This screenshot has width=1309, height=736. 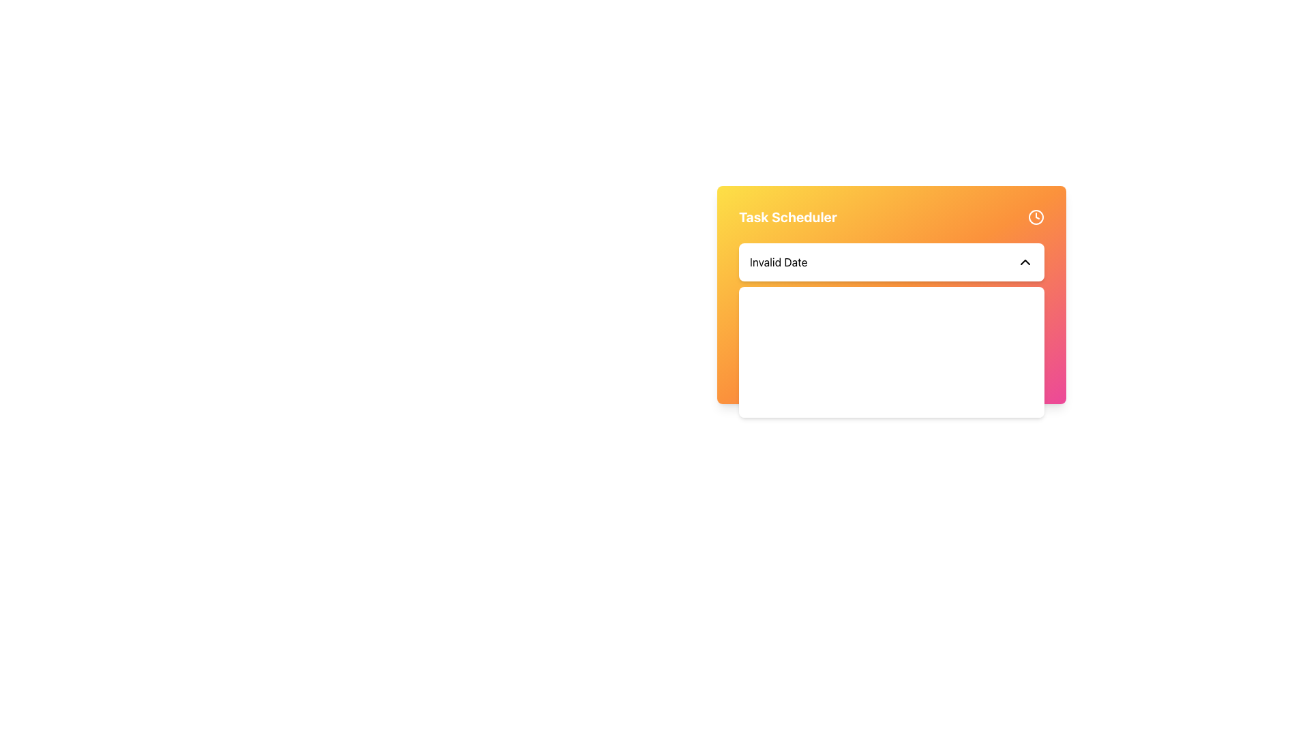 I want to click on the 'Task Scheduler' text label element, which is styled with bold, large white text on a gradient yellow to orange background, located on the left side of the header bar, so click(x=787, y=217).